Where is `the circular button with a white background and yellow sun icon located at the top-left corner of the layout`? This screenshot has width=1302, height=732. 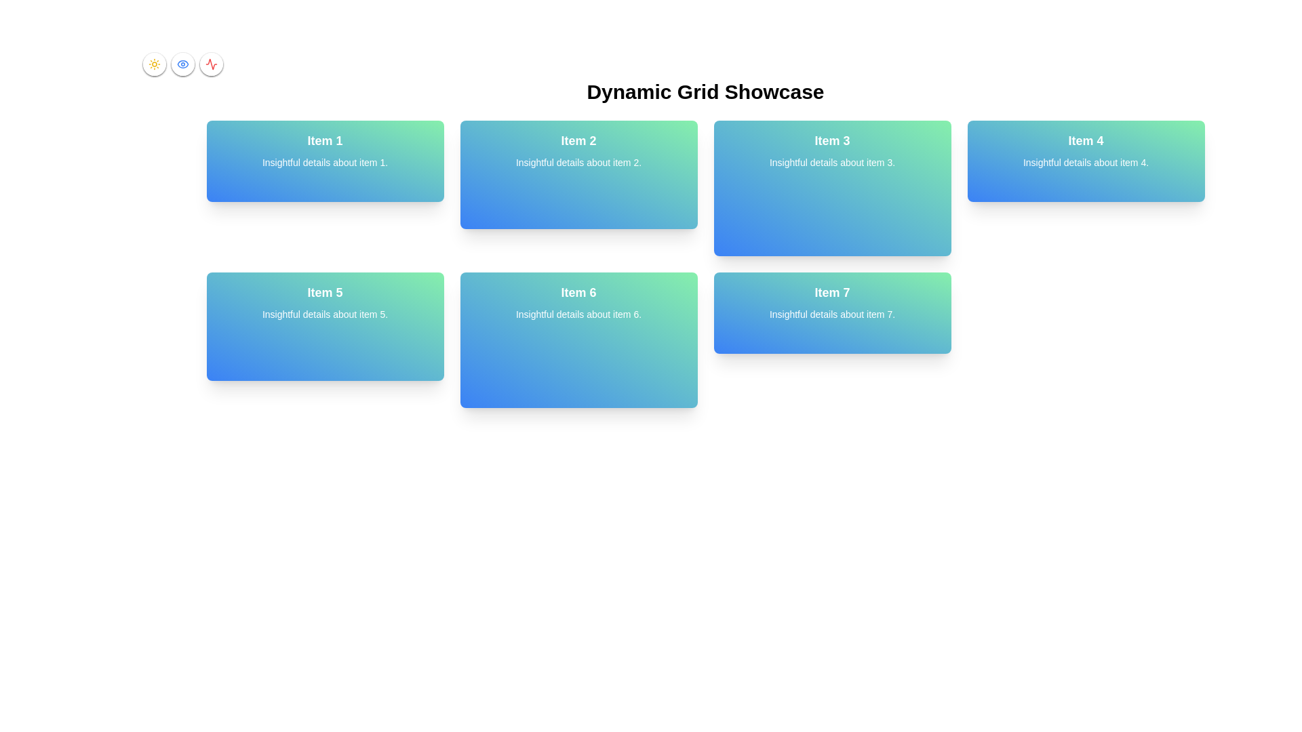 the circular button with a white background and yellow sun icon located at the top-left corner of the layout is located at coordinates (154, 64).